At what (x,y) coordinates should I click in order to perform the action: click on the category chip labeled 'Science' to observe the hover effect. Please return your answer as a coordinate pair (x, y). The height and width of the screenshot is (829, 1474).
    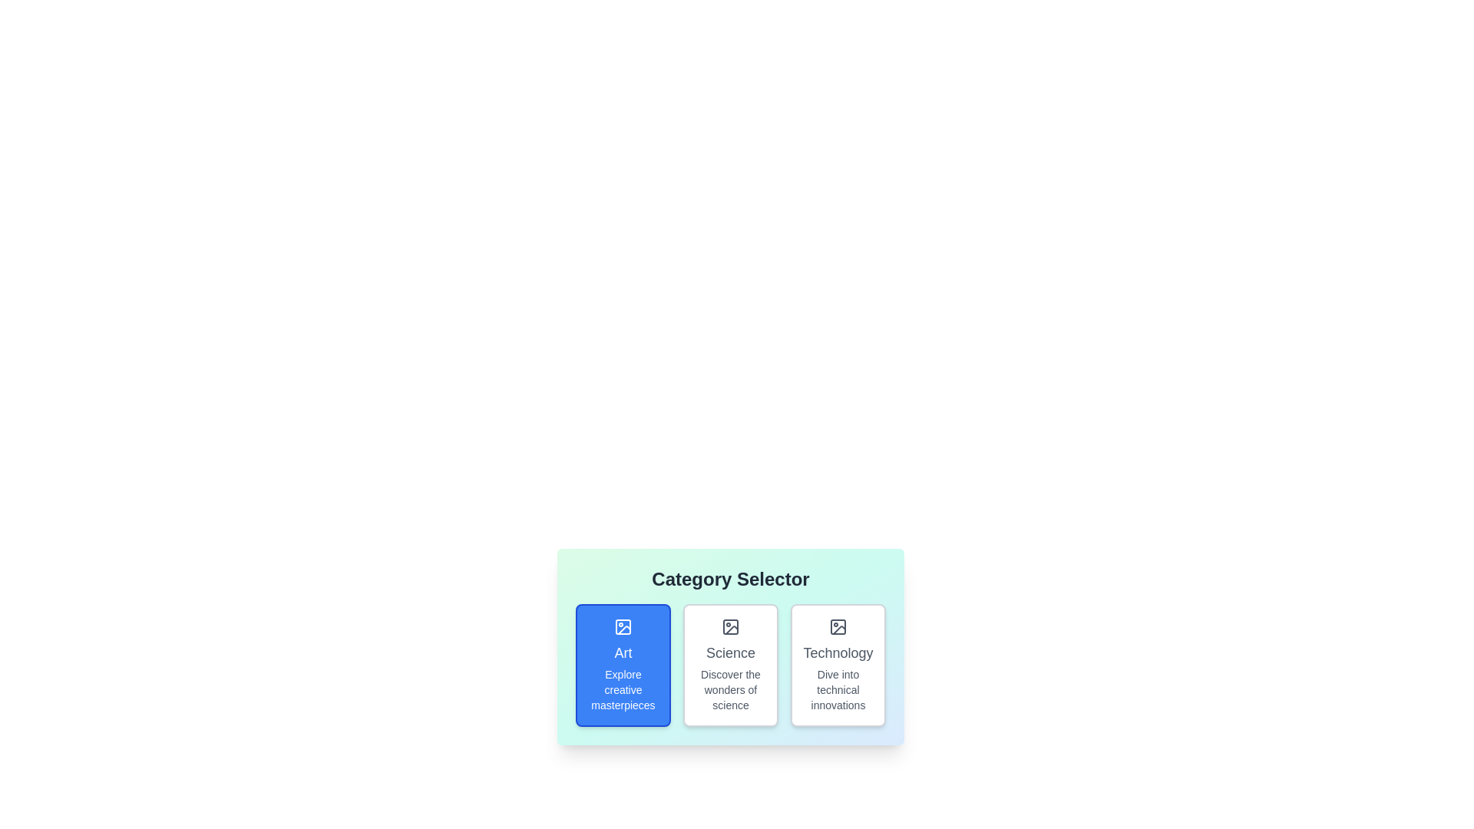
    Looking at the image, I should click on (729, 665).